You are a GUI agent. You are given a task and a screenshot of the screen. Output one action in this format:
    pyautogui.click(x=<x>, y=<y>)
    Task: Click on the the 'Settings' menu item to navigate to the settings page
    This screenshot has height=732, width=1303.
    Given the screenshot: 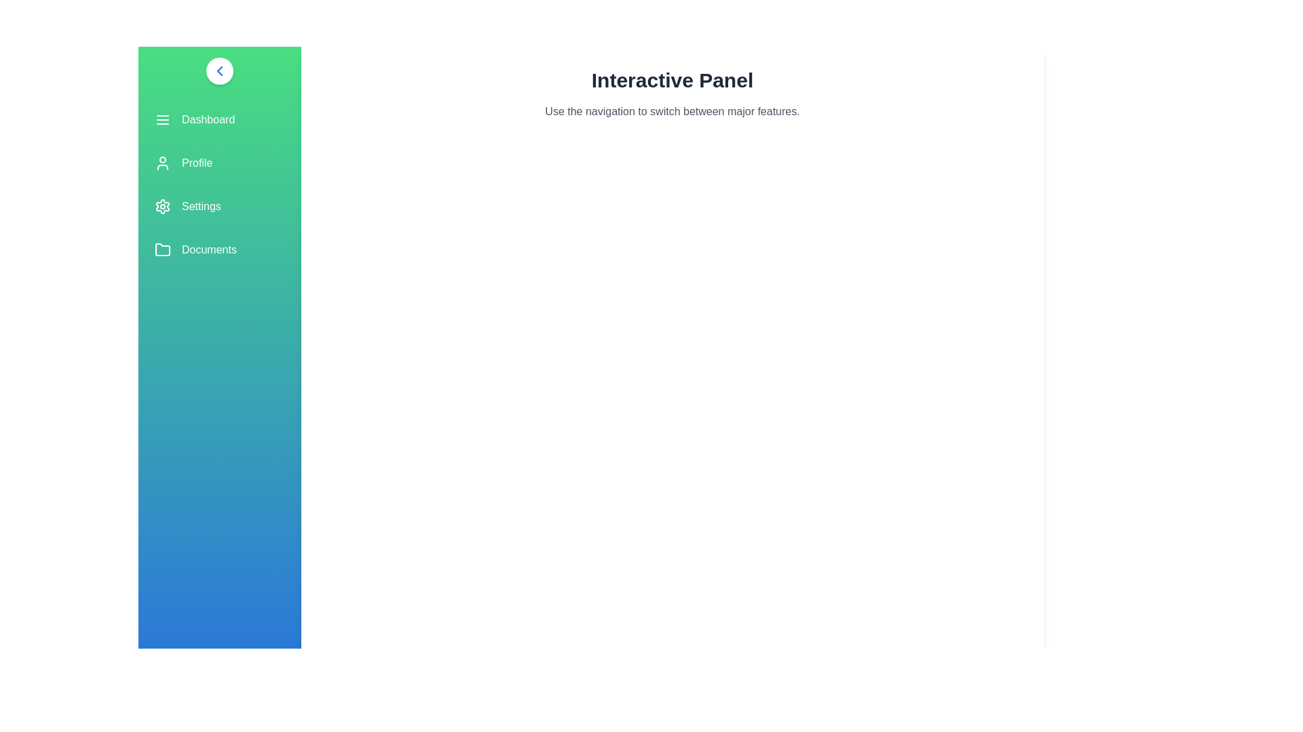 What is the action you would take?
    pyautogui.click(x=220, y=206)
    